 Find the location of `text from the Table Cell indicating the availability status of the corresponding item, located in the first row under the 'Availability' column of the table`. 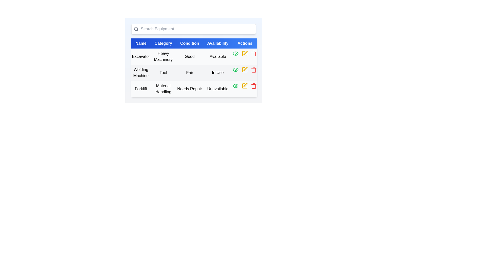

text from the Table Cell indicating the availability status of the corresponding item, located in the first row under the 'Availability' column of the table is located at coordinates (218, 56).